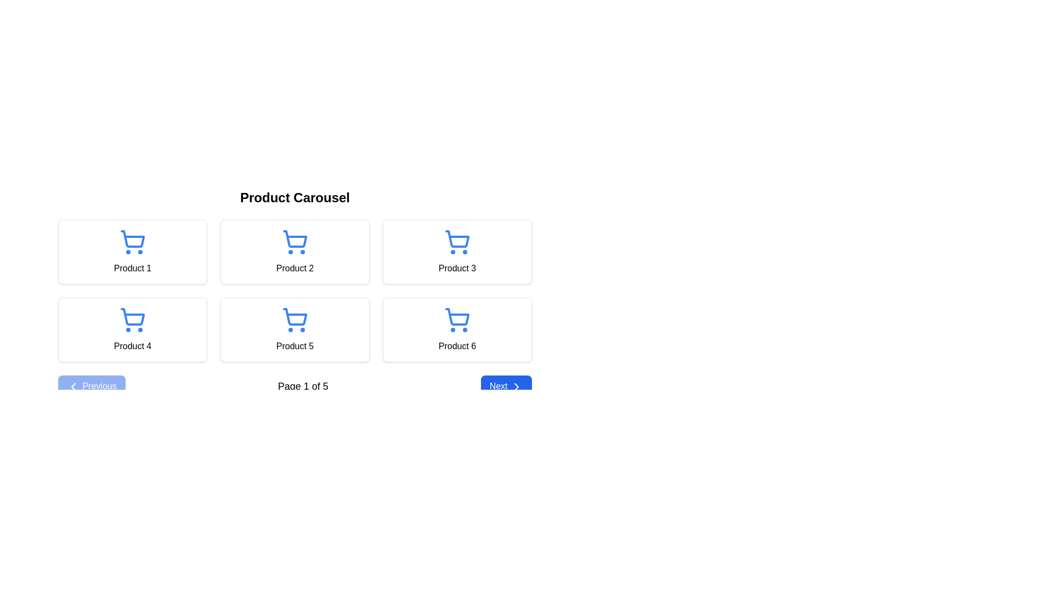  What do you see at coordinates (295, 268) in the screenshot?
I see `the product title text label, which is positioned in the middle column of the first row in a grid layout, serving as the name or category for the associated product` at bounding box center [295, 268].